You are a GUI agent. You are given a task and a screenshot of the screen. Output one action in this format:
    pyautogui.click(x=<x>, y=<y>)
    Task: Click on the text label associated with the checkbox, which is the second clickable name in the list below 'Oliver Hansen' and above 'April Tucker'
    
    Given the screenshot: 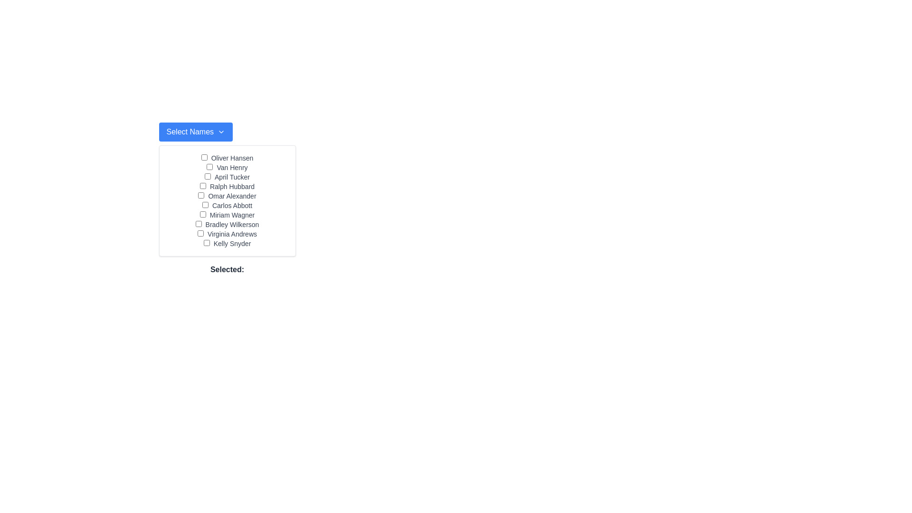 What is the action you would take?
    pyautogui.click(x=227, y=167)
    